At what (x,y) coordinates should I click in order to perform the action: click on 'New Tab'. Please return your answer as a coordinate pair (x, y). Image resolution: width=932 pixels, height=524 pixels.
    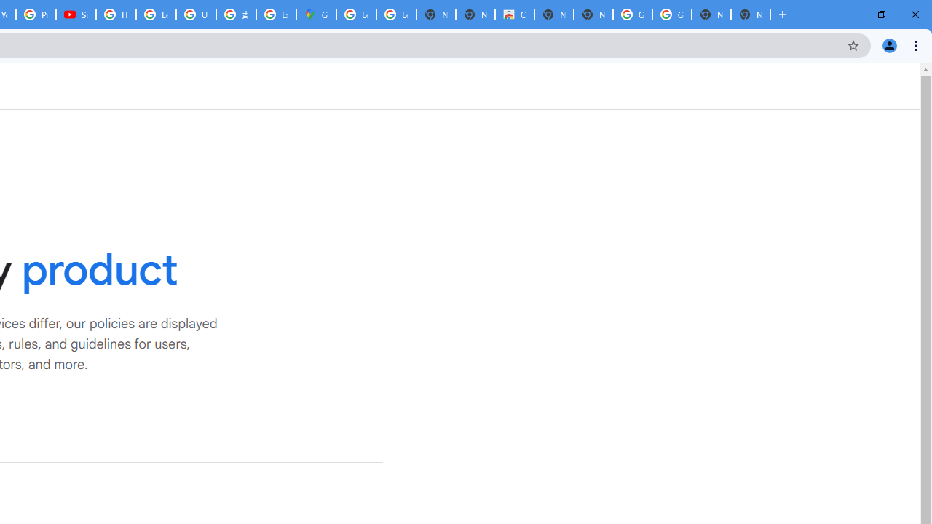
    Looking at the image, I should click on (751, 15).